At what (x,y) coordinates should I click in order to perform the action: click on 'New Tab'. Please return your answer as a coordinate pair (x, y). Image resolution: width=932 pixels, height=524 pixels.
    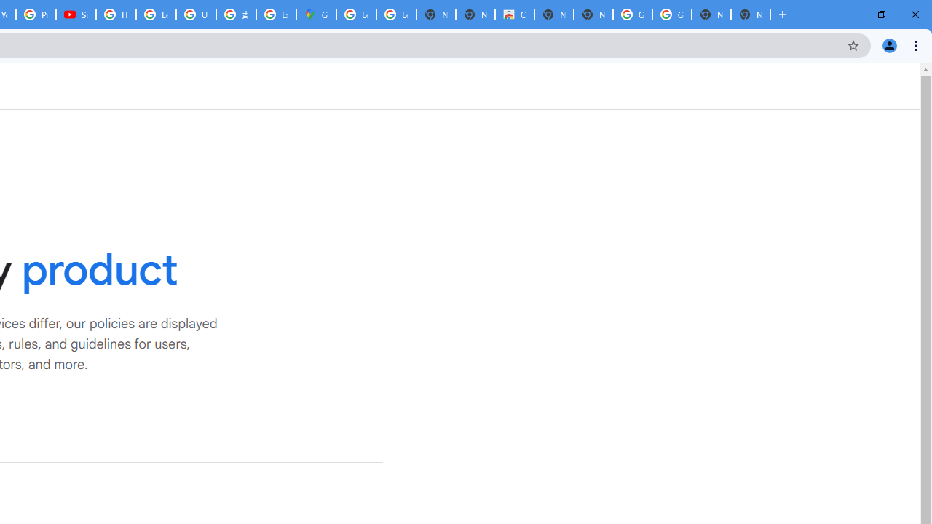
    Looking at the image, I should click on (751, 15).